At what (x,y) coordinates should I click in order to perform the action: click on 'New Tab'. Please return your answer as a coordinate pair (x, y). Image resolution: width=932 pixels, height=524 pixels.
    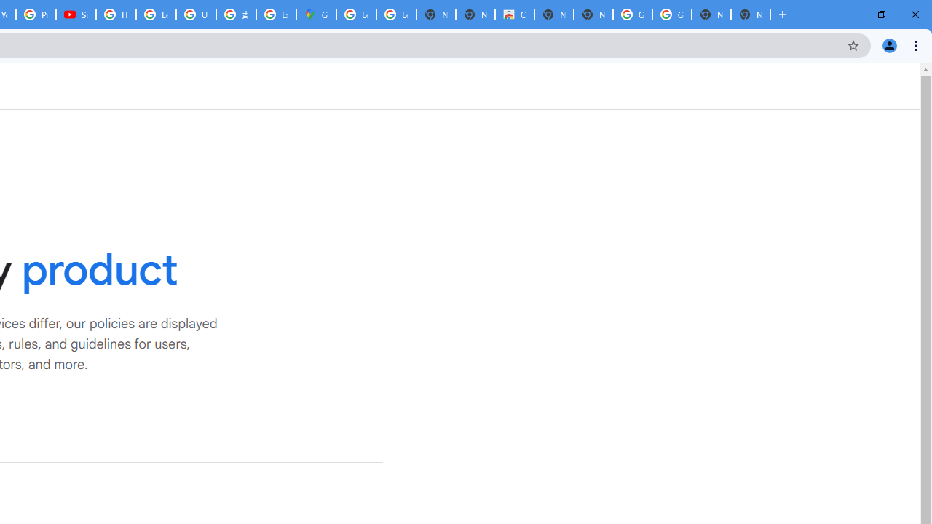
    Looking at the image, I should click on (751, 15).